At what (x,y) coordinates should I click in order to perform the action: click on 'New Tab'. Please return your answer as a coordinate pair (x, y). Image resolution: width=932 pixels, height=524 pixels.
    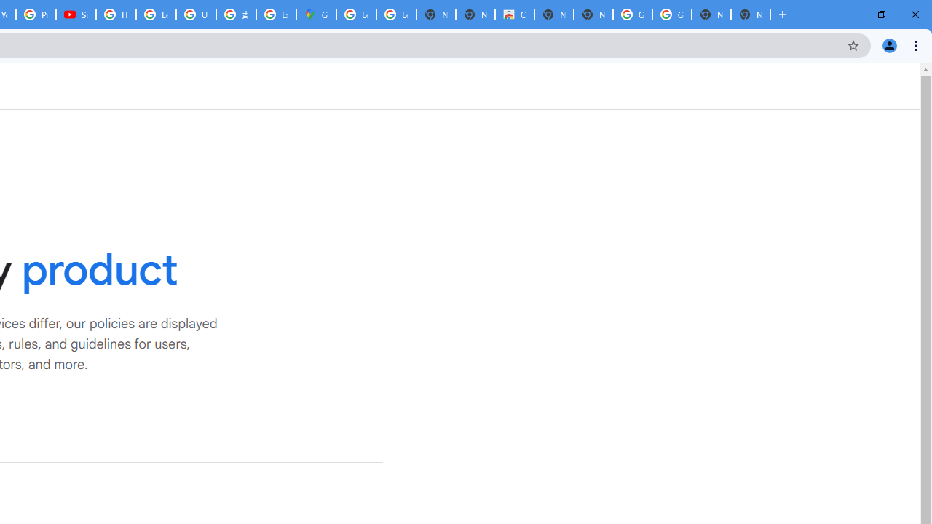
    Looking at the image, I should click on (751, 15).